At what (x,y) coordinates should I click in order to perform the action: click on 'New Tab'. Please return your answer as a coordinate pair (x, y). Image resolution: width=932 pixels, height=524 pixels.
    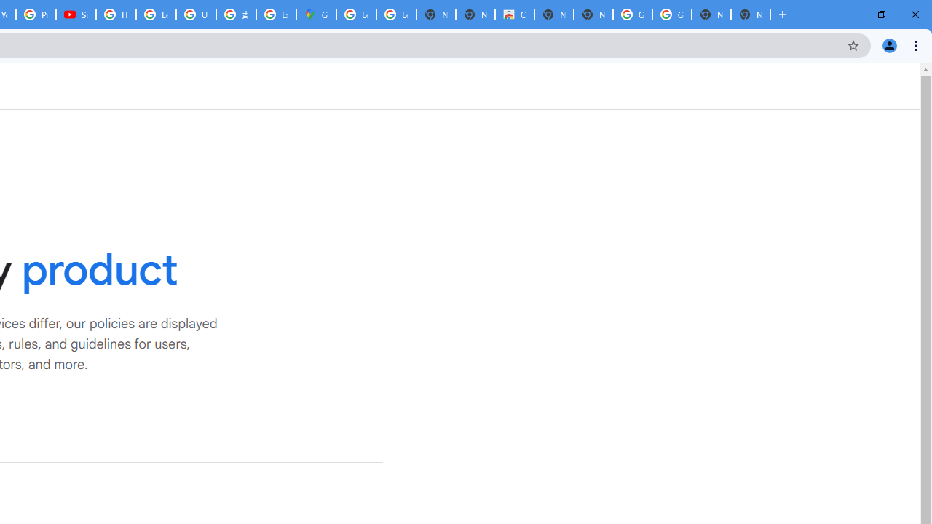
    Looking at the image, I should click on (751, 15).